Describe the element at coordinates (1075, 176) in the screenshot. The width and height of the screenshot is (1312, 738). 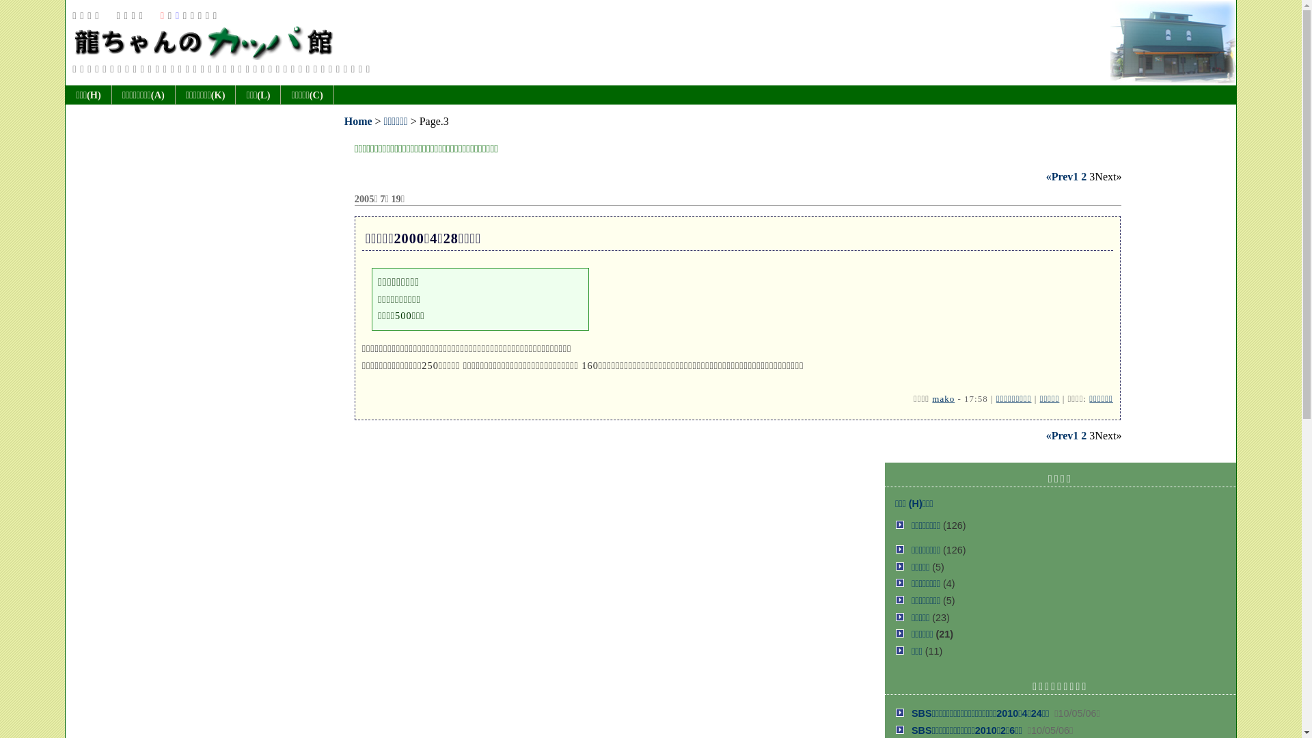
I see `'1'` at that location.